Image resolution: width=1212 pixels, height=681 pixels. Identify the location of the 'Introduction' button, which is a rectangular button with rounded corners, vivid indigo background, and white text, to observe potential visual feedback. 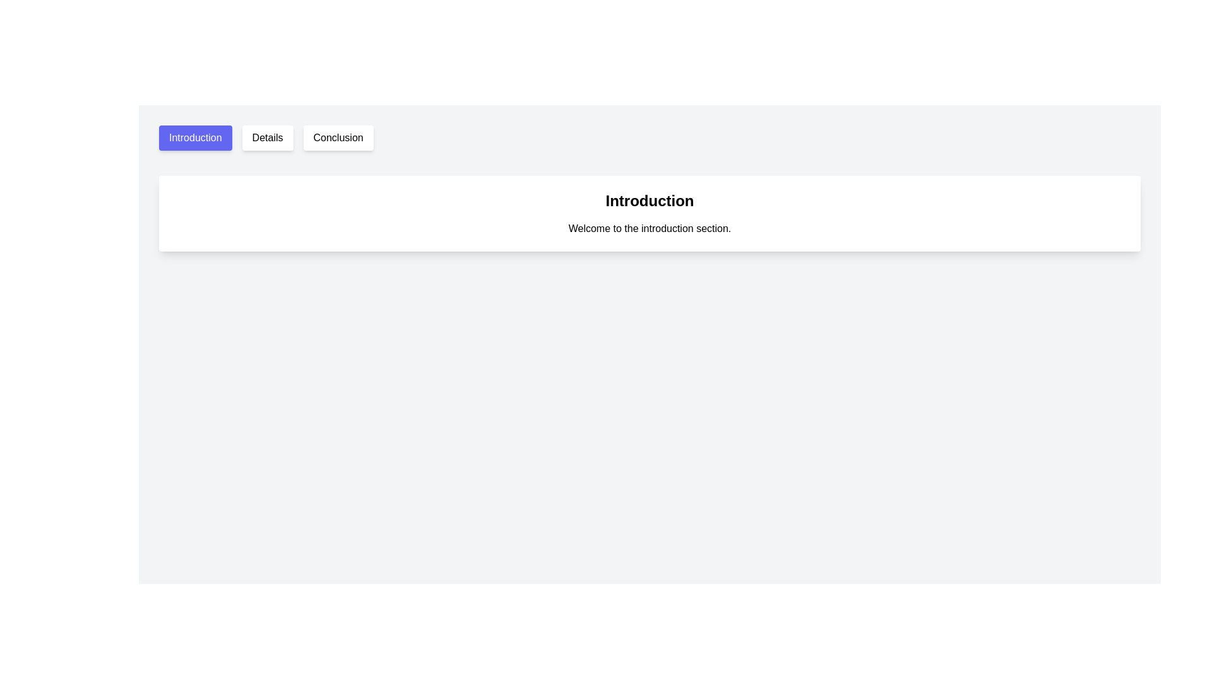
(194, 138).